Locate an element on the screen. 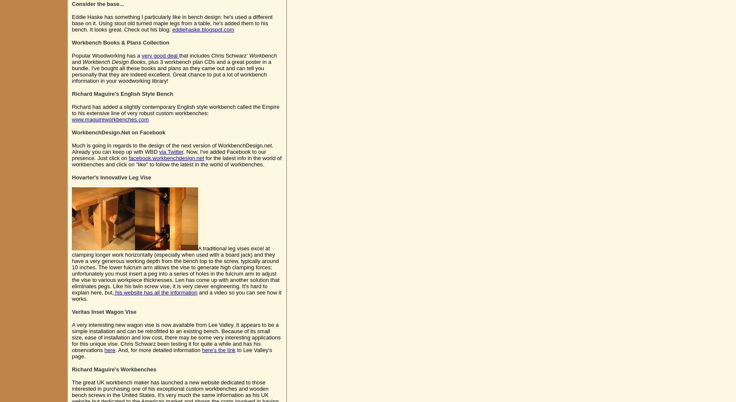 This screenshot has height=402, width=736. 'Veritas Inset Wagon Vise' is located at coordinates (104, 312).